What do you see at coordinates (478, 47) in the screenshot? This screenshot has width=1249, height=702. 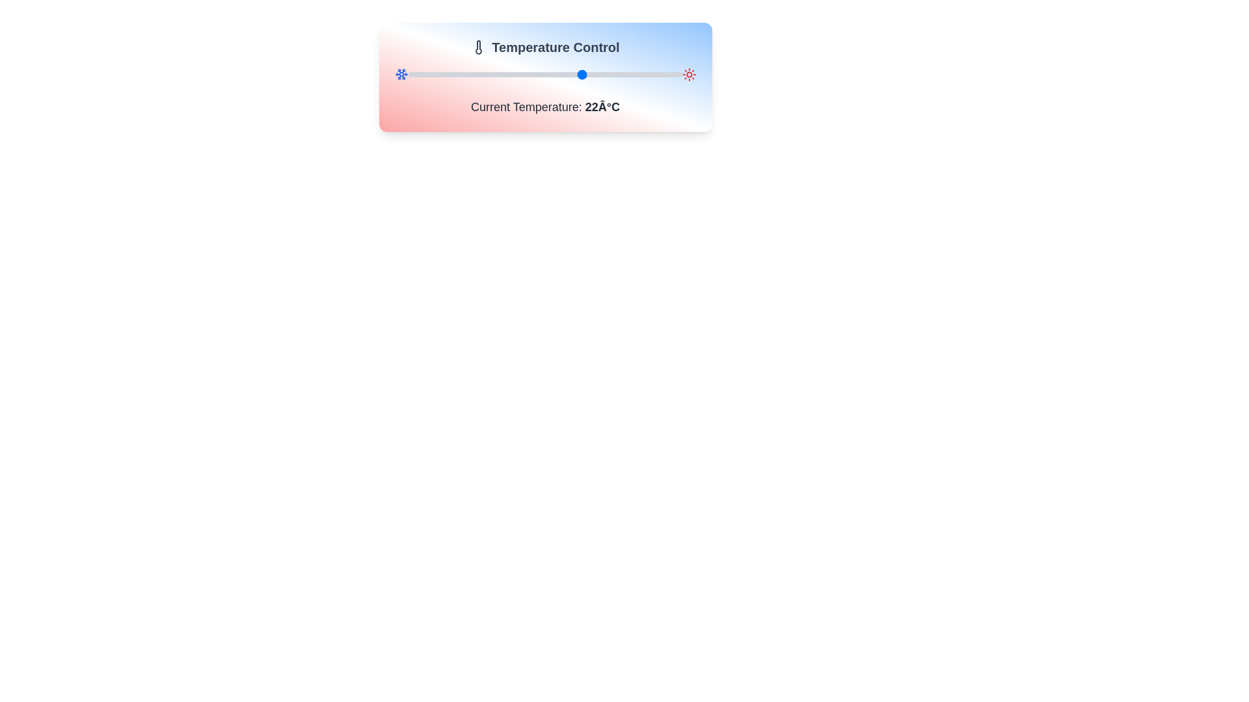 I see `the vertical thermometer icon, which is styled with a slender, rounded shape and is located near the top center of the temperature control interface, preceding the label 'Temperature Control'` at bounding box center [478, 47].